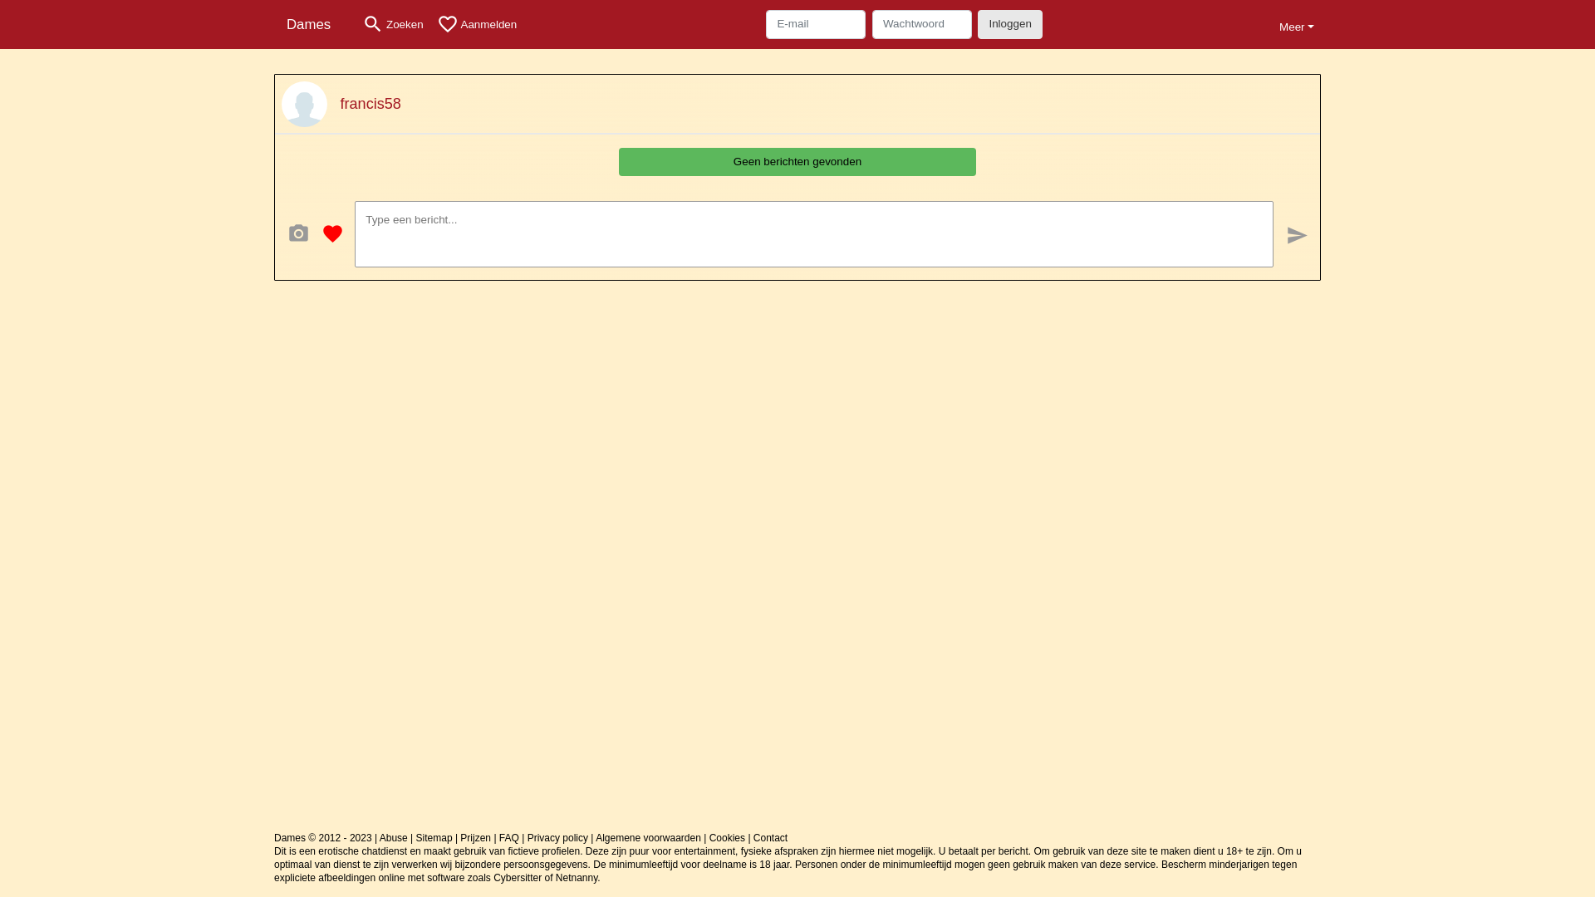 The height and width of the screenshot is (897, 1595). What do you see at coordinates (508, 838) in the screenshot?
I see `'FAQ'` at bounding box center [508, 838].